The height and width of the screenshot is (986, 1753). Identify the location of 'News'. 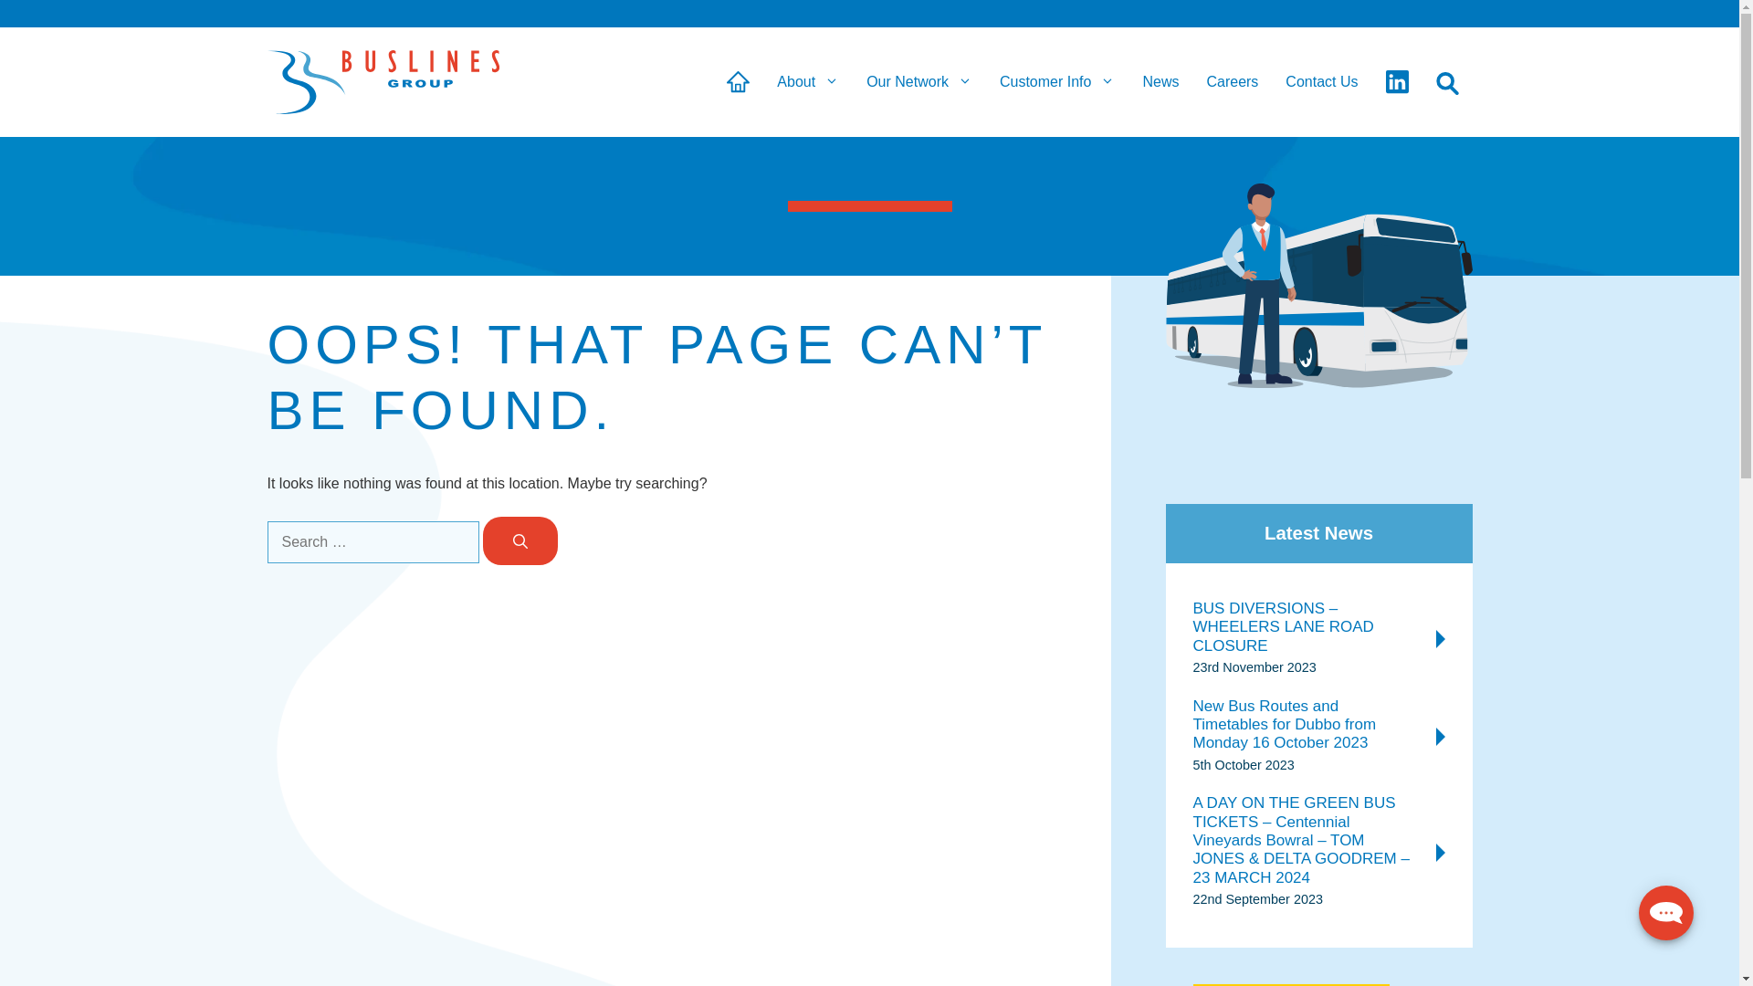
(1160, 80).